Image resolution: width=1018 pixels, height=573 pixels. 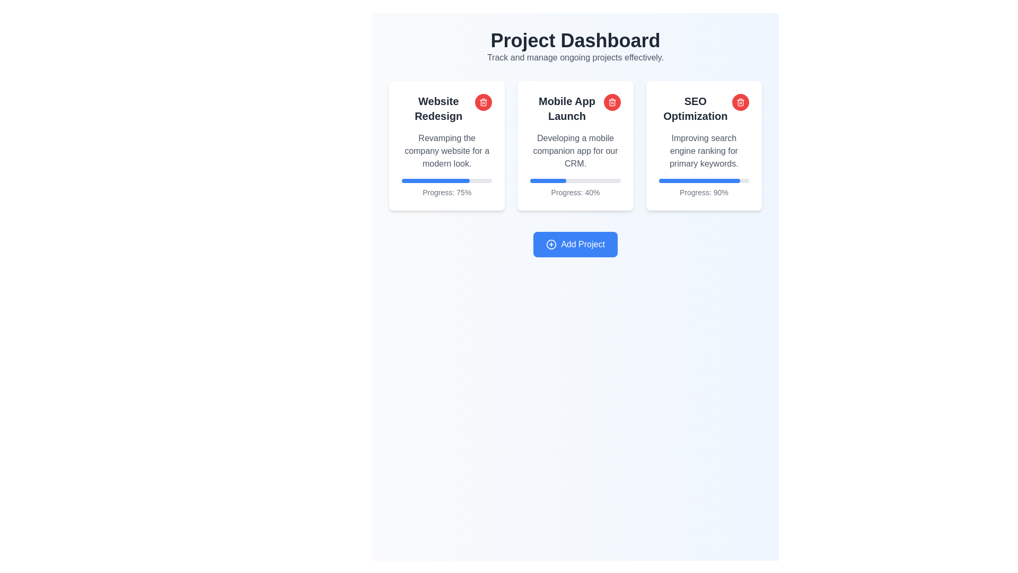 I want to click on the delete button located in the top-right corner of the 'Website Redesign' project card, so click(x=483, y=102).